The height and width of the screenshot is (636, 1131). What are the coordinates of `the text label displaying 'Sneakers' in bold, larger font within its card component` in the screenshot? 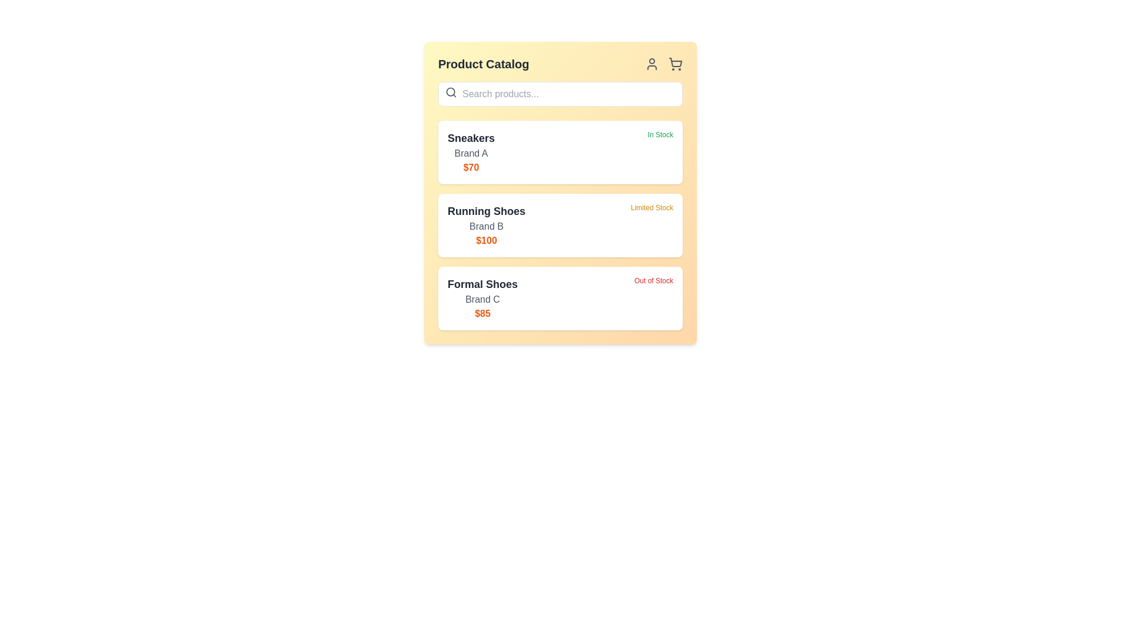 It's located at (471, 138).